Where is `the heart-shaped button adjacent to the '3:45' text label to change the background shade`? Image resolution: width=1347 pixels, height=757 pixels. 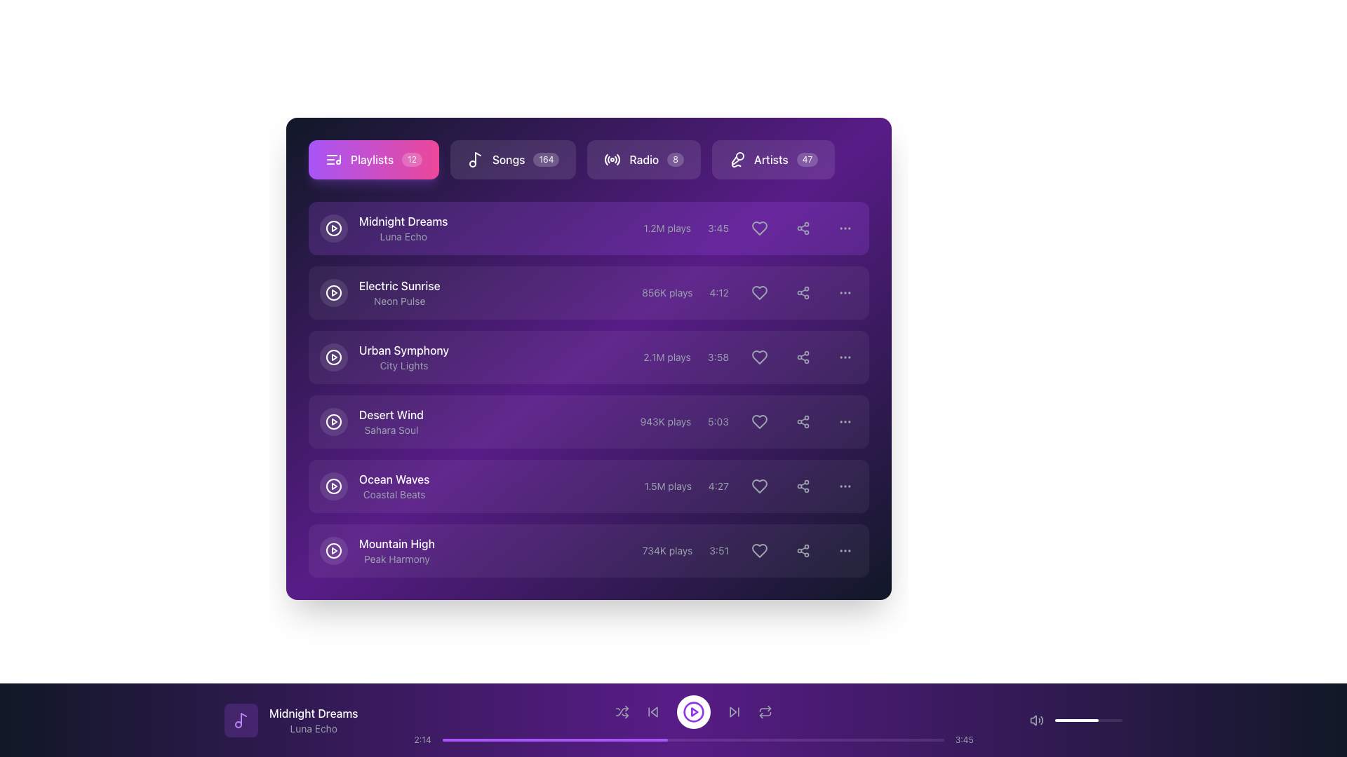
the heart-shaped button adjacent to the '3:45' text label to change the background shade is located at coordinates (750, 228).